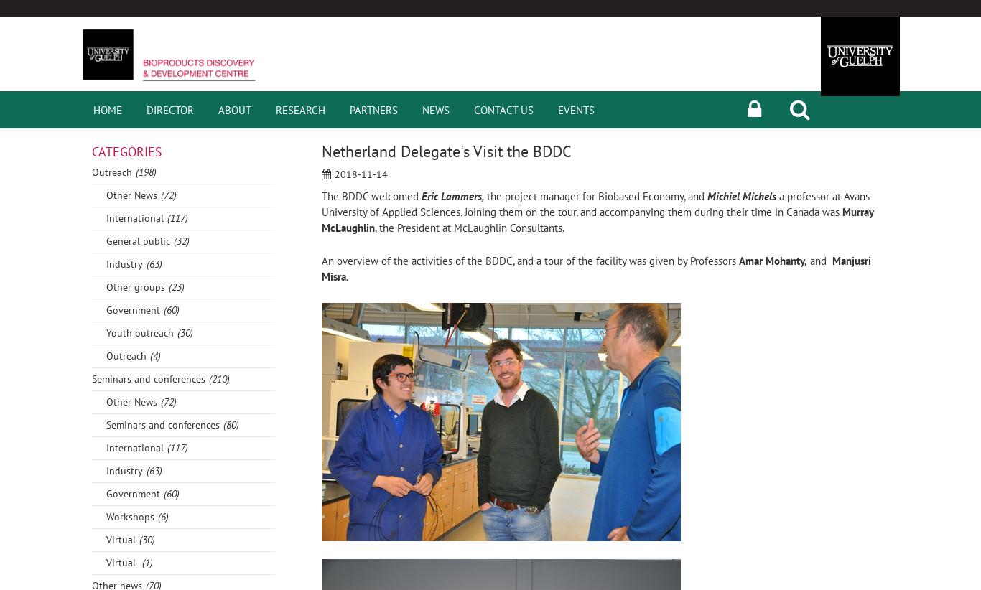 The width and height of the screenshot is (981, 590). I want to click on '(6)', so click(162, 516).